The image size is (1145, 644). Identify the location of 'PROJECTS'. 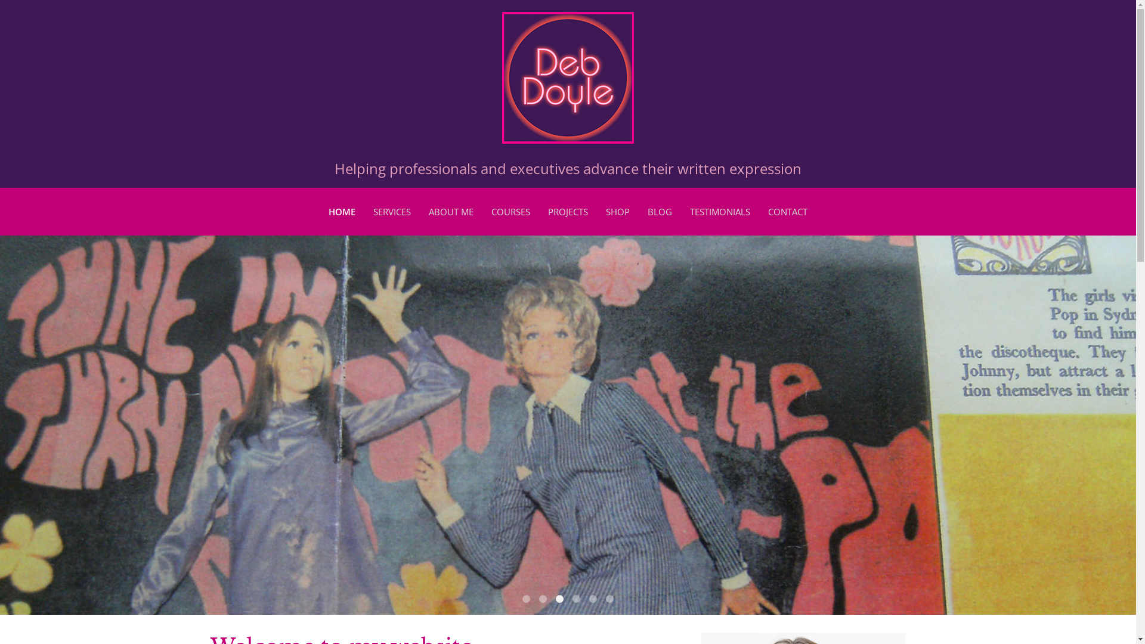
(567, 210).